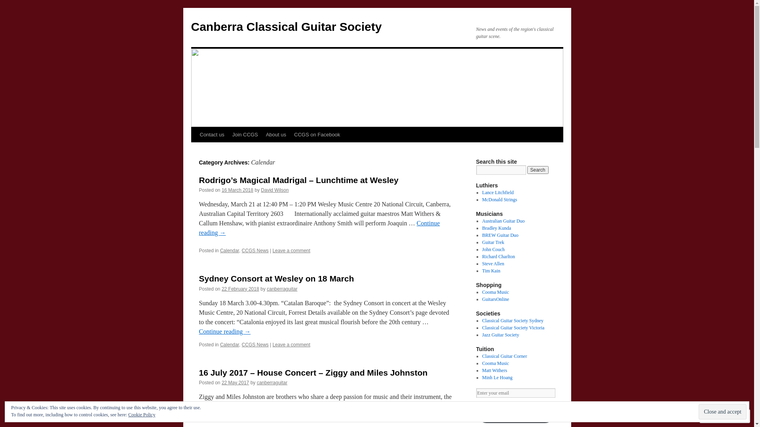 This screenshot has height=427, width=760. I want to click on 'Richard Charlton', so click(482, 256).